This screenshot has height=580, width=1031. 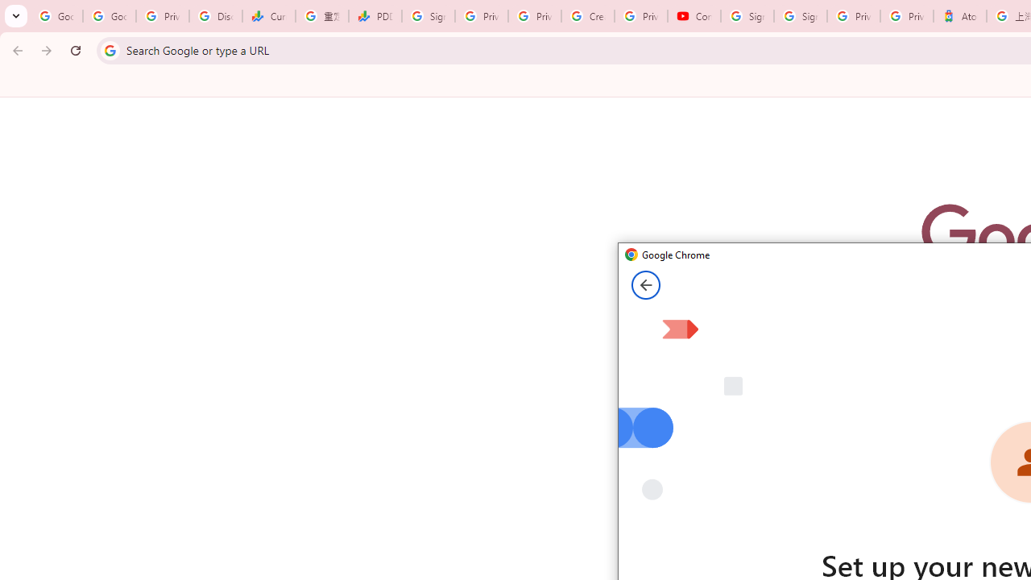 What do you see at coordinates (56, 16) in the screenshot?
I see `'Google Workspace Admin Community'` at bounding box center [56, 16].